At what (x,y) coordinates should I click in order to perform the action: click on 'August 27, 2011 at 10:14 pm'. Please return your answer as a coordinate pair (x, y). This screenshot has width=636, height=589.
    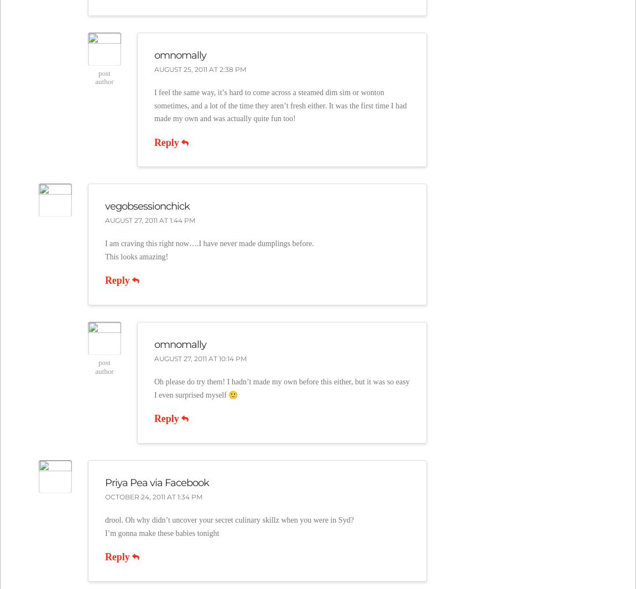
    Looking at the image, I should click on (200, 358).